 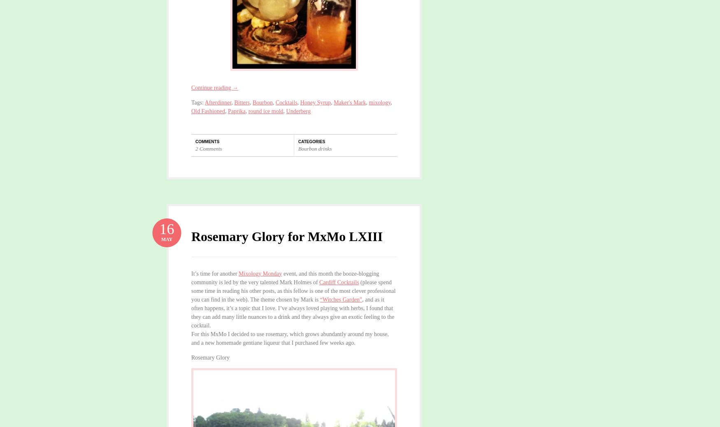 What do you see at coordinates (214, 273) in the screenshot?
I see `'It’s time for another'` at bounding box center [214, 273].